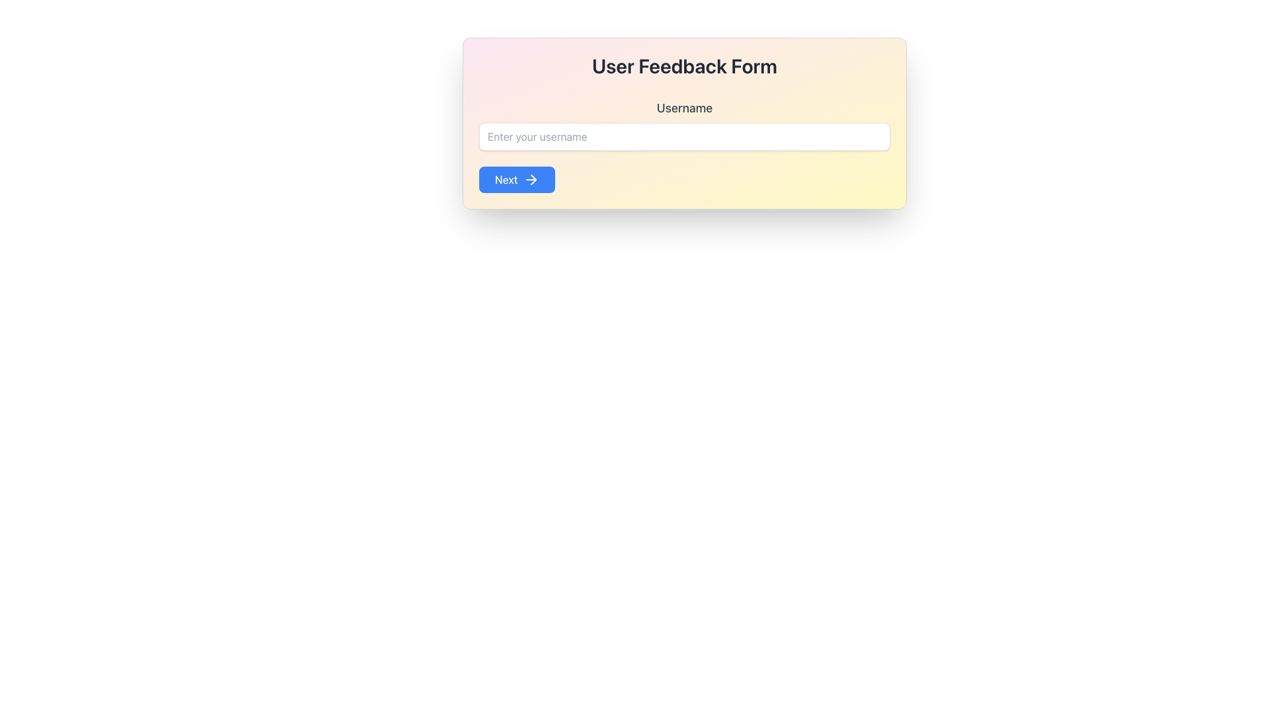 The height and width of the screenshot is (714, 1269). Describe the element at coordinates (533, 180) in the screenshot. I see `the decorative arrow icon within the 'Next' button to indicate progression` at that location.